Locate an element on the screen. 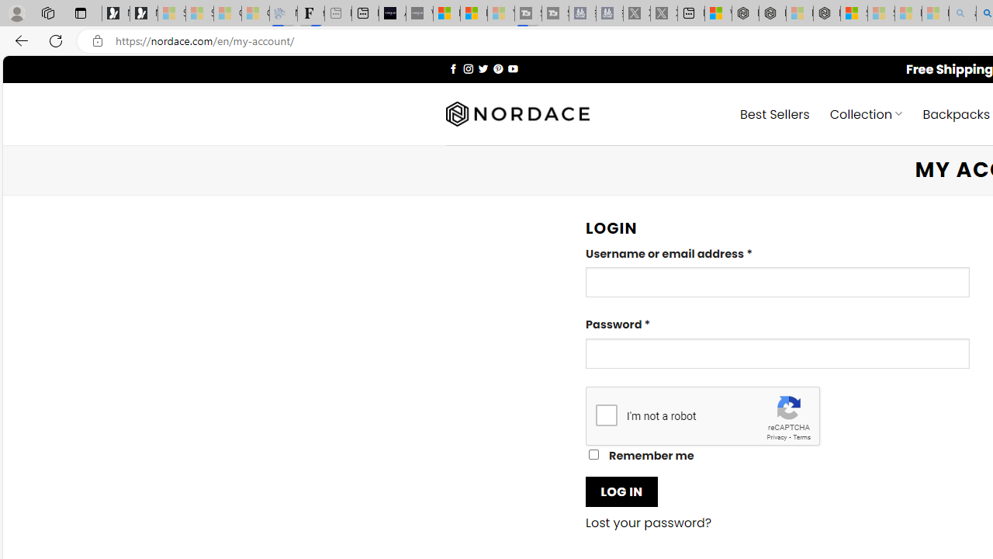  'Privacy' is located at coordinates (777, 437).